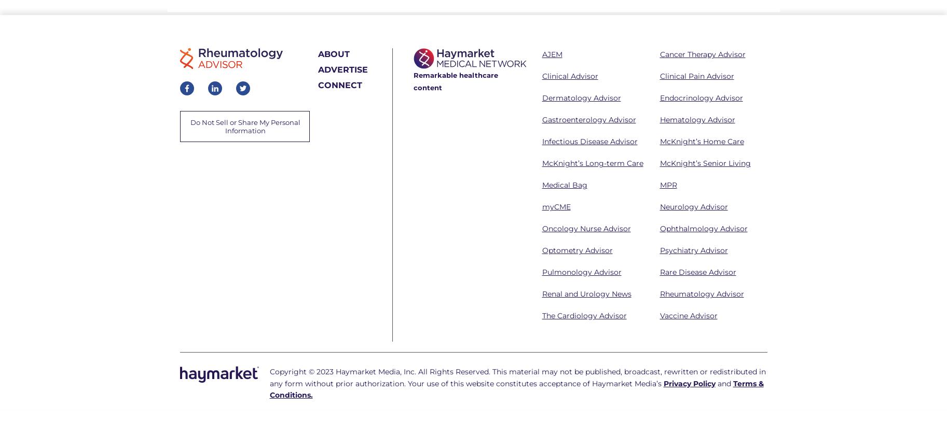  Describe the element at coordinates (317, 54) in the screenshot. I see `'ABOUT'` at that location.